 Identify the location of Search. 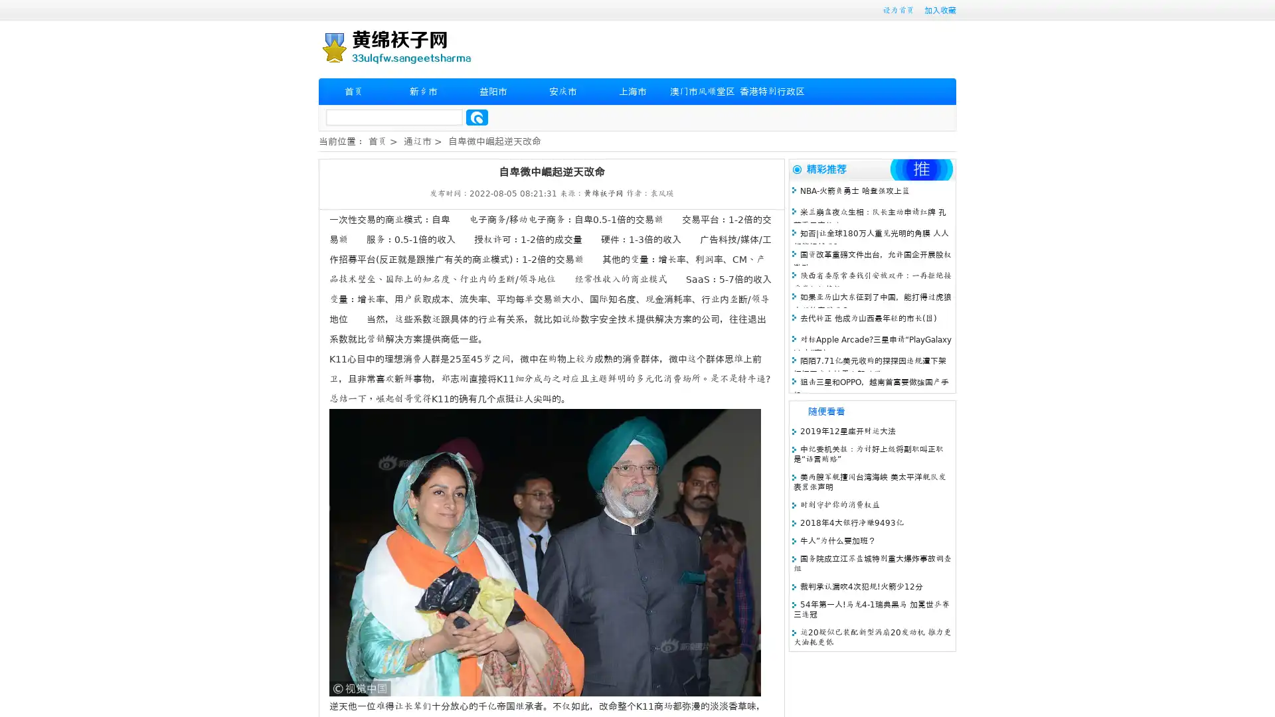
(477, 117).